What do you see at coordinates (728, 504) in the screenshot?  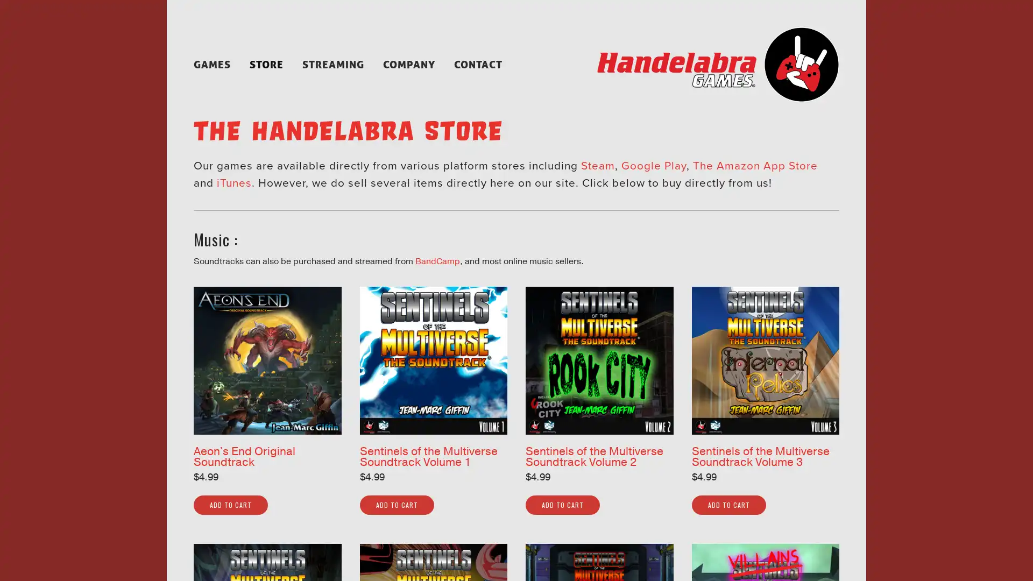 I see `ADD TO CART` at bounding box center [728, 504].